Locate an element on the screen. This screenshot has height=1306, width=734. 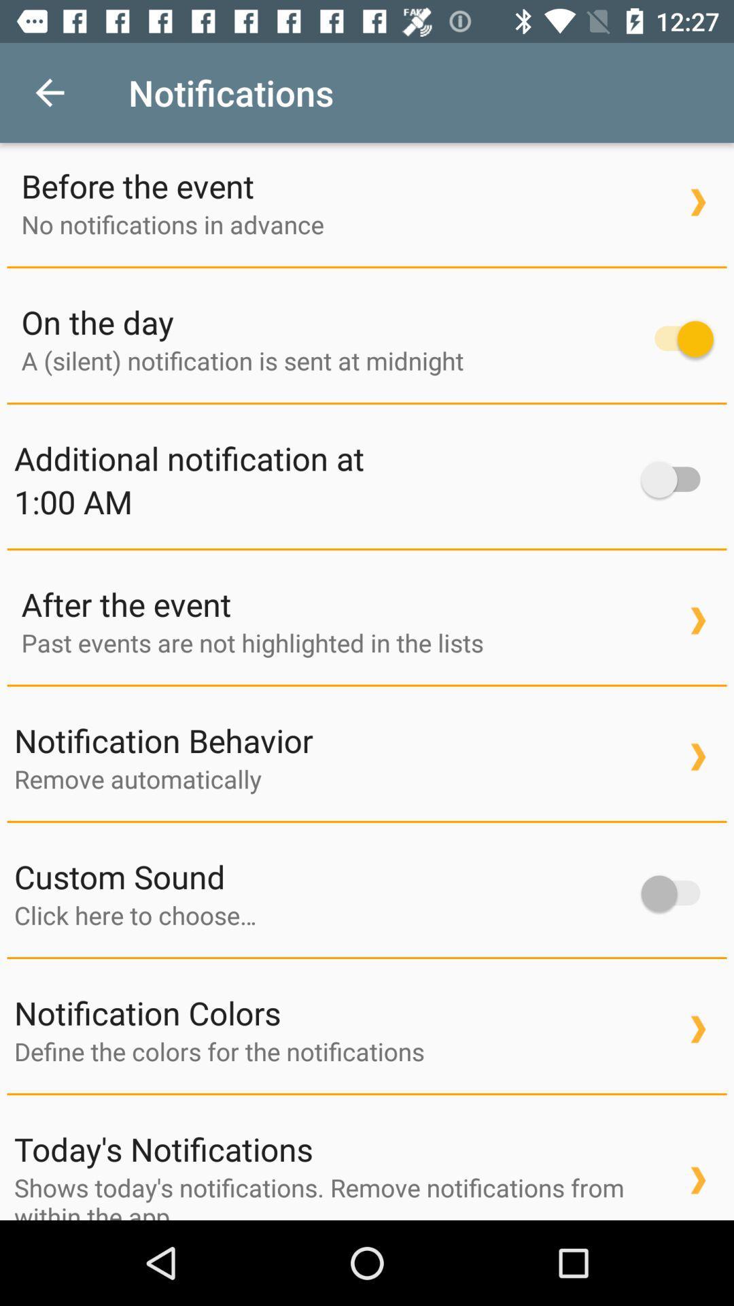
item next to custom sound item is located at coordinates (677, 893).